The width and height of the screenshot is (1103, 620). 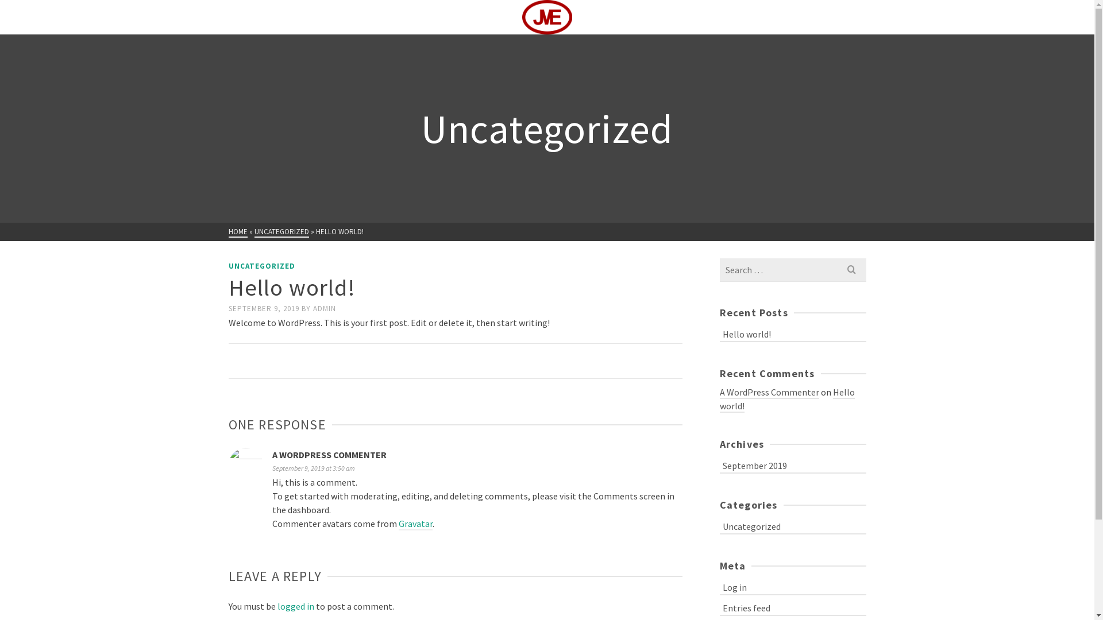 What do you see at coordinates (237, 232) in the screenshot?
I see `'HOME'` at bounding box center [237, 232].